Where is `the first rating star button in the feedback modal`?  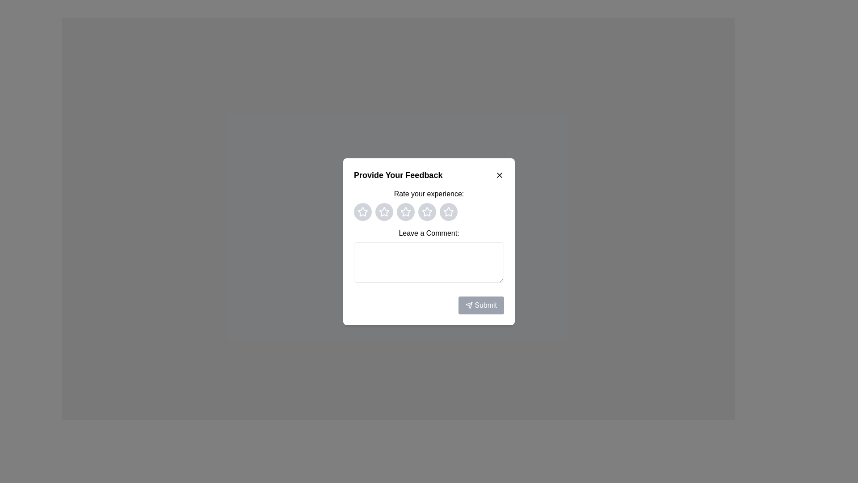 the first rating star button in the feedback modal is located at coordinates (362, 212).